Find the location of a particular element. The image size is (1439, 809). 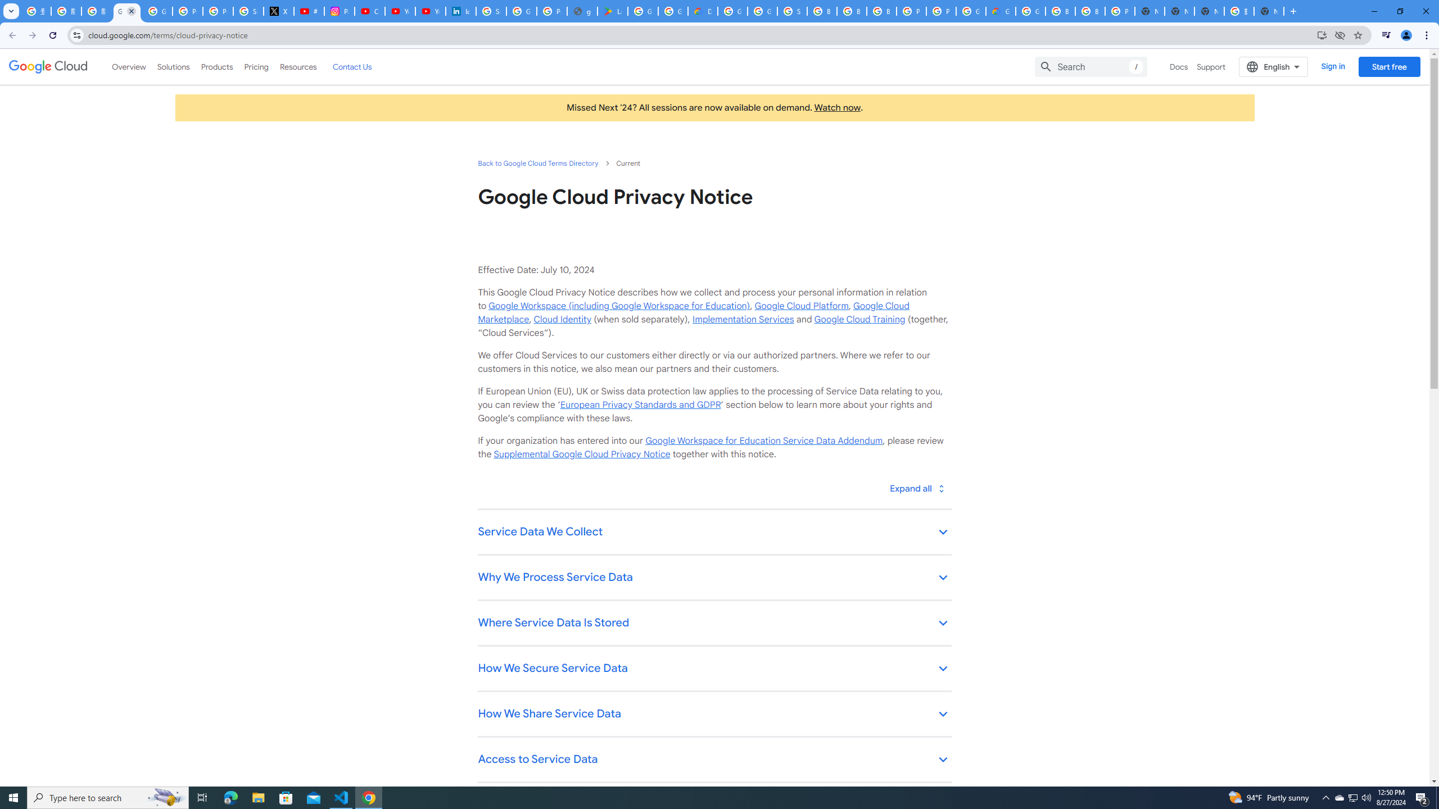

'Back to Google Cloud Terms Directory' is located at coordinates (538, 163).